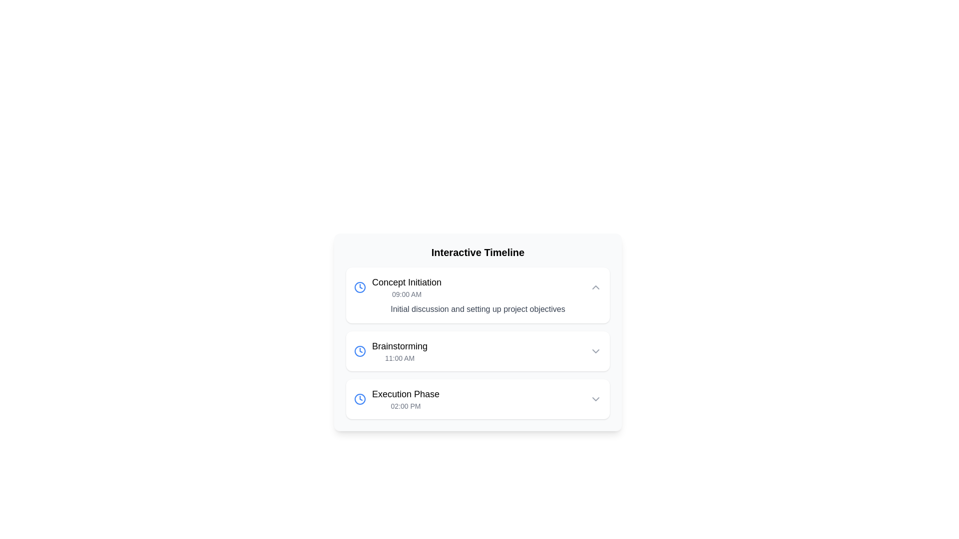 The image size is (959, 539). Describe the element at coordinates (390, 351) in the screenshot. I see `the 'Brainstorming' event element in the Interactive Timeline section to trigger a tooltip` at that location.